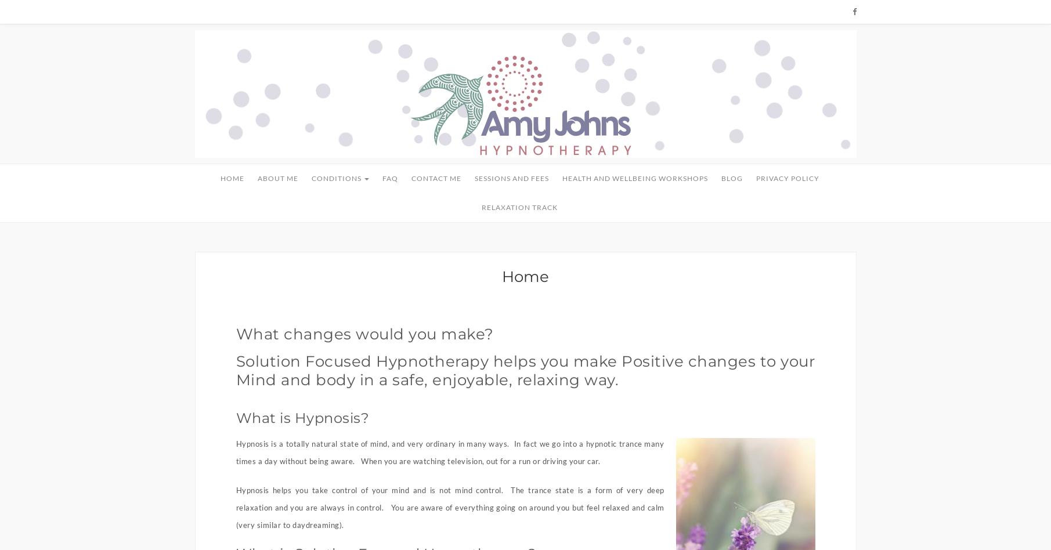  Describe the element at coordinates (336, 448) in the screenshot. I see `'Smoking'` at that location.